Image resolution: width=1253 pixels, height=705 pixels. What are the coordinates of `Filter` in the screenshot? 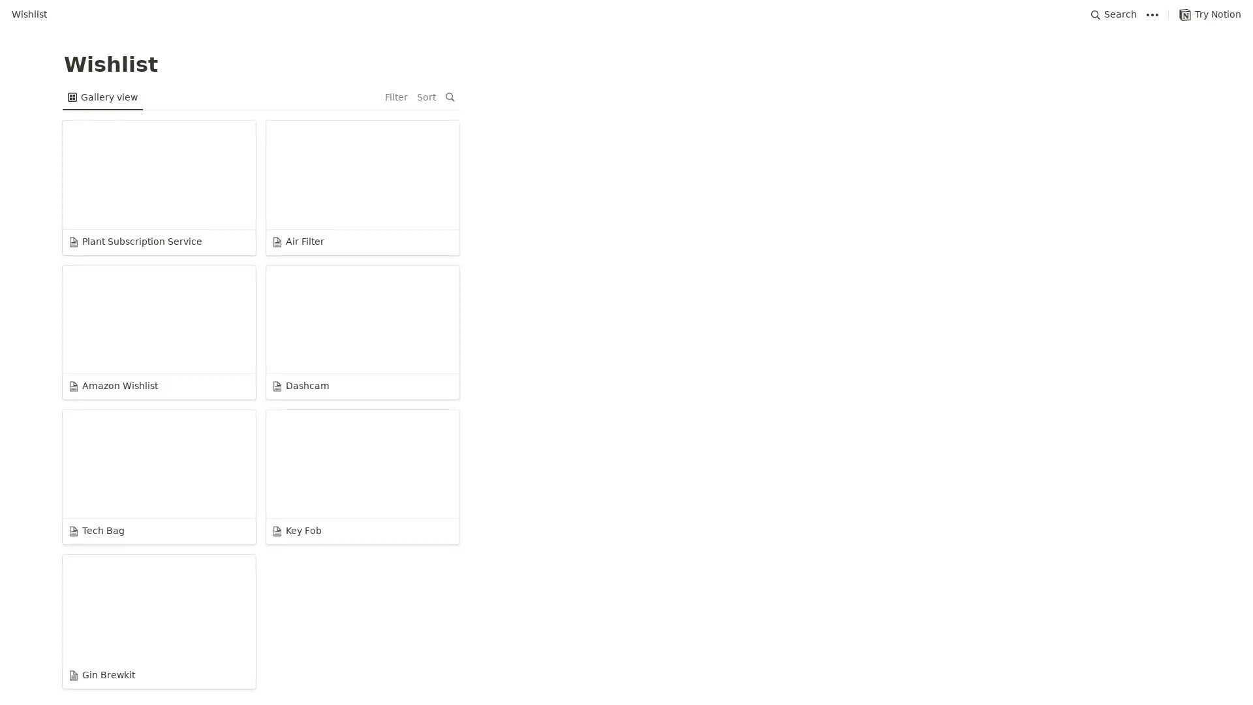 It's located at (1126, 97).